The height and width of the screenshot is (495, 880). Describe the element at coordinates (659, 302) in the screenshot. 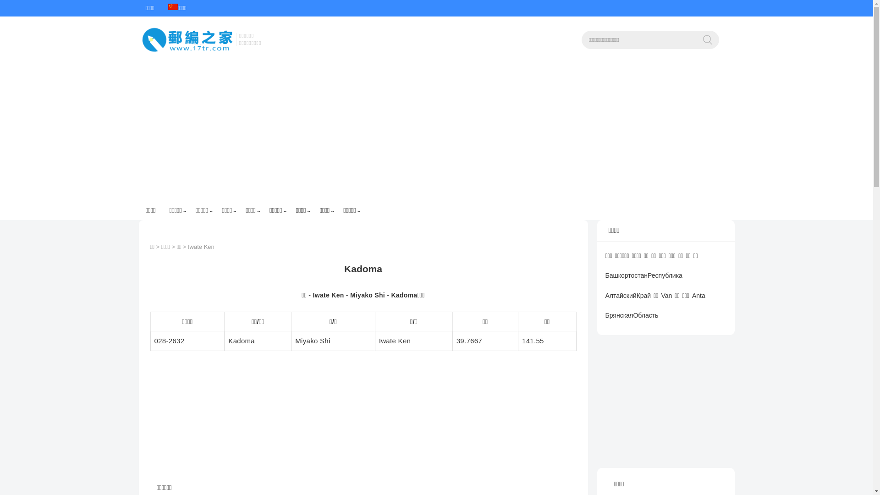

I see `'Van'` at that location.